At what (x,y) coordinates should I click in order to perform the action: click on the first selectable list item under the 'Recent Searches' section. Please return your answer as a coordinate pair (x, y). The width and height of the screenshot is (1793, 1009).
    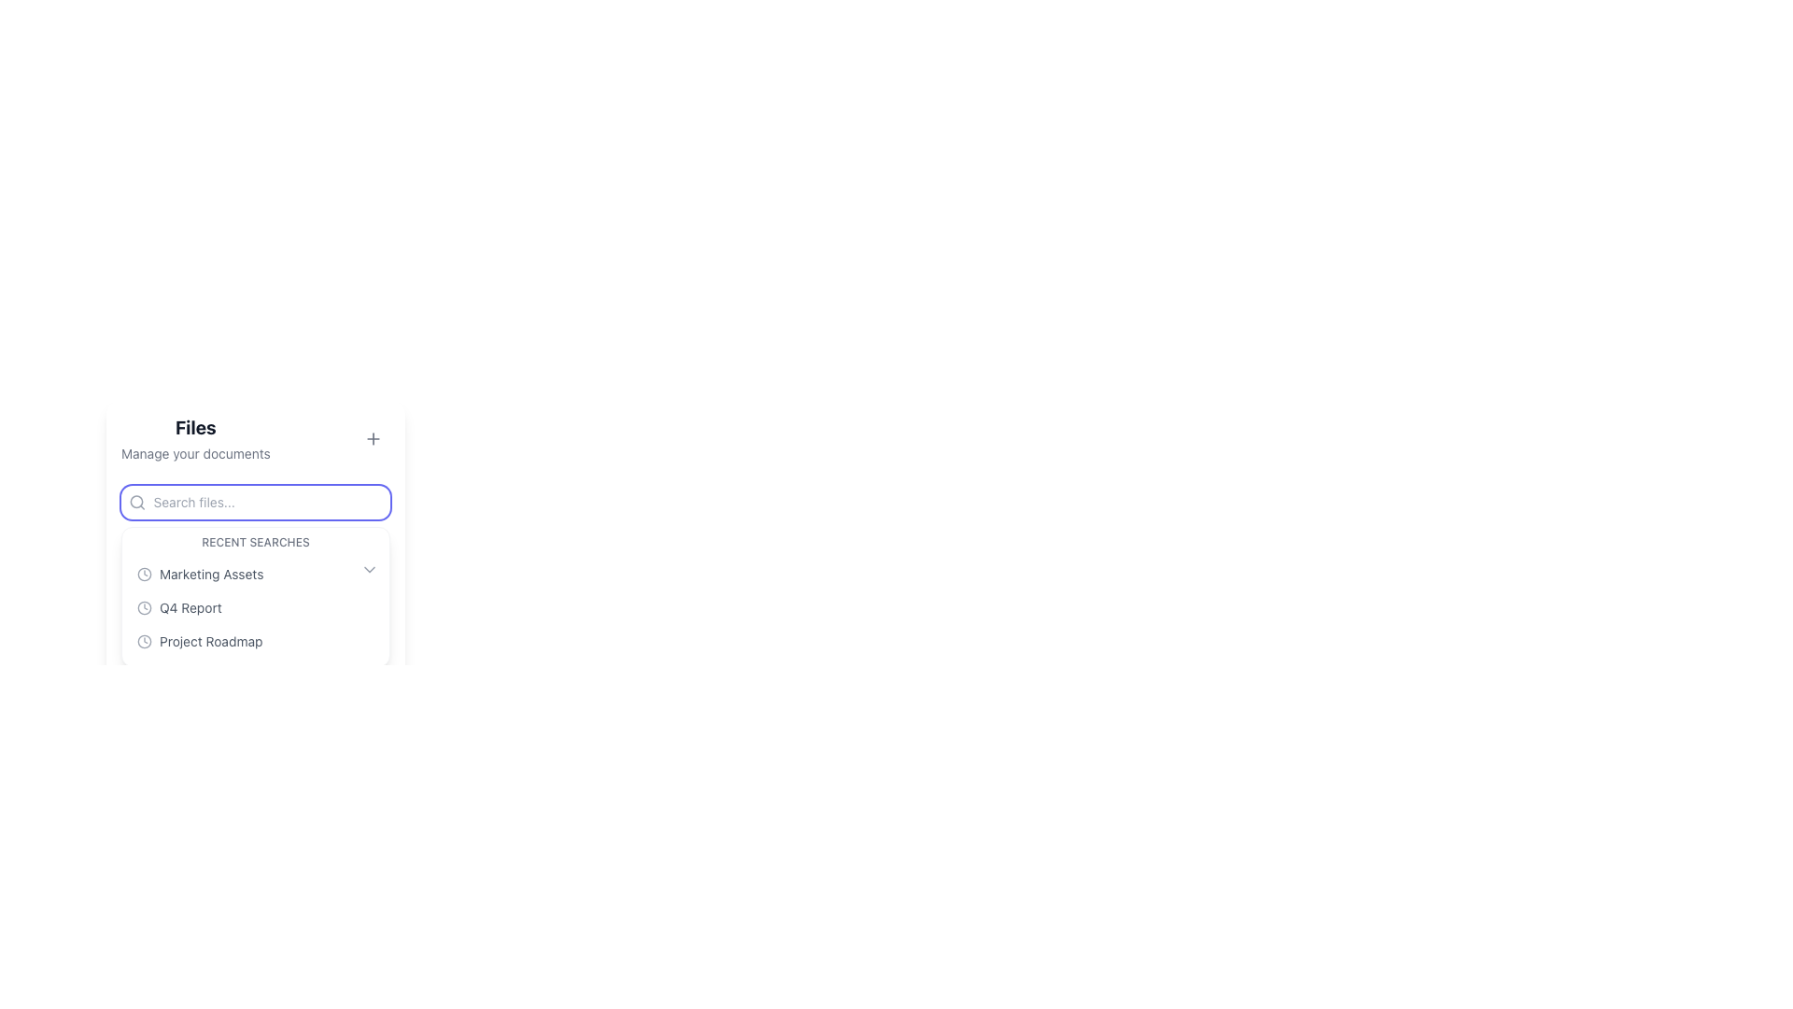
    Looking at the image, I should click on (254, 568).